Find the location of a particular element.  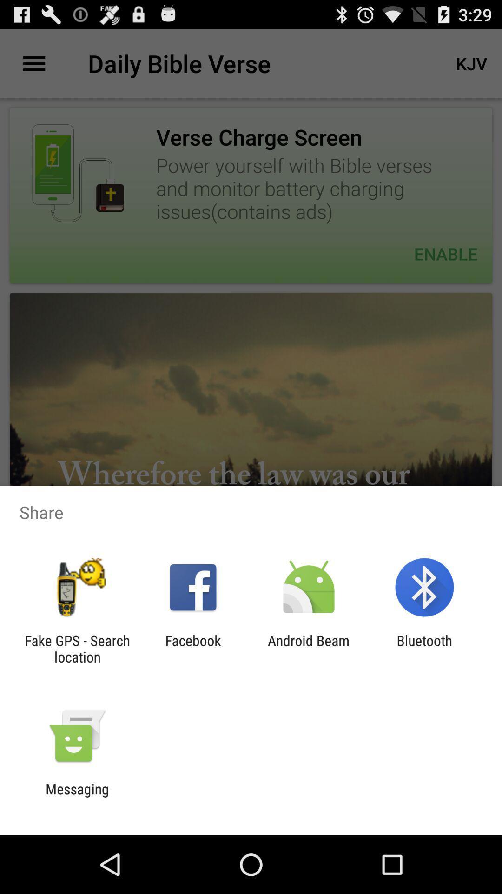

fake gps search is located at coordinates (77, 648).